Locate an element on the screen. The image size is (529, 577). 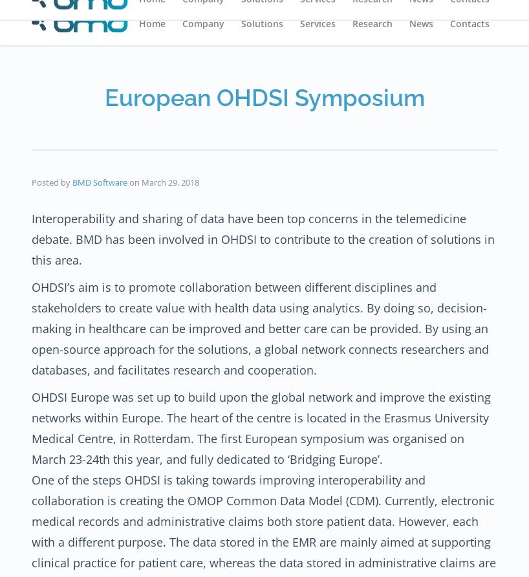
'Services' is located at coordinates (318, 23).